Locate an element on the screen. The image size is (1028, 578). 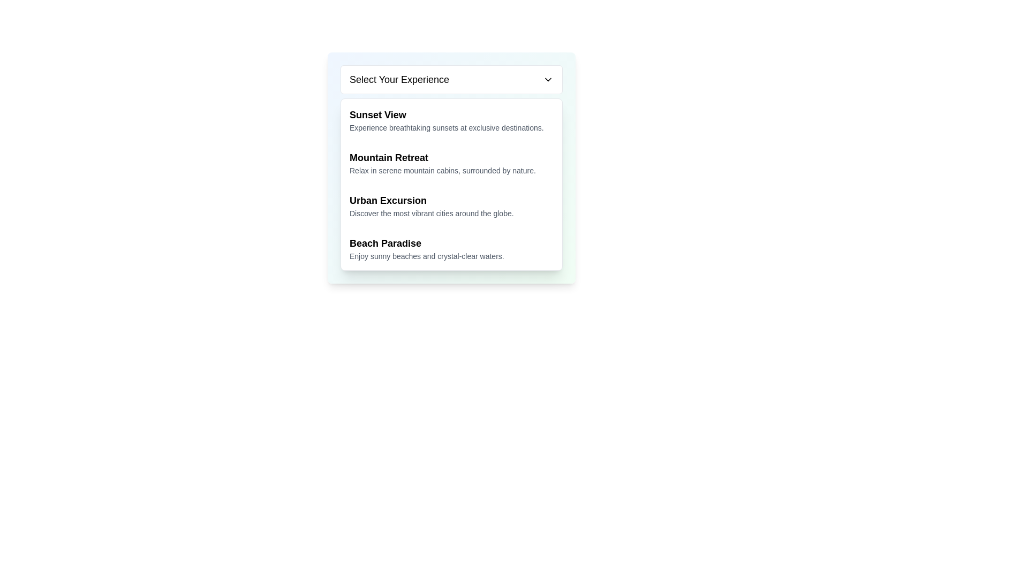
the vertically-oriented list of selectable options styled with a gradient background is located at coordinates (451, 168).